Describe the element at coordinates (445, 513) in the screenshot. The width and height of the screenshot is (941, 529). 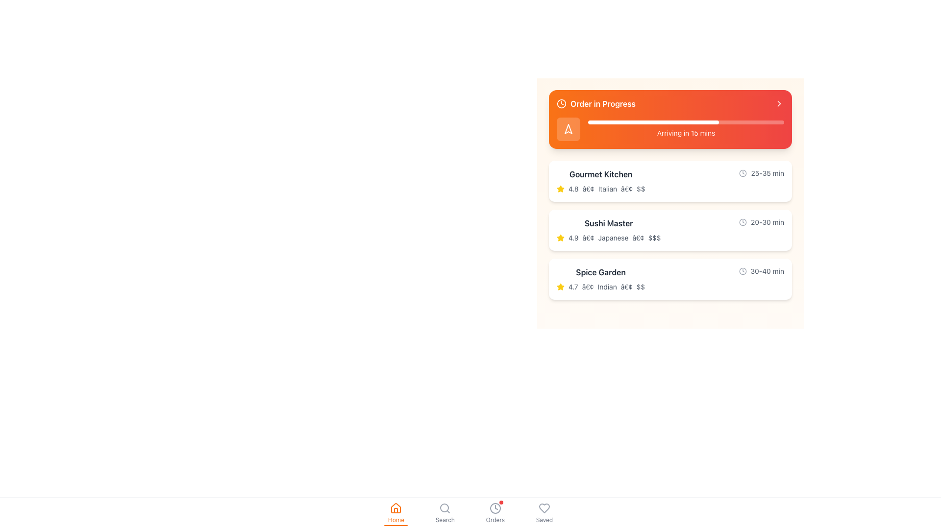
I see `the second icon from the left in the navigation bar at the bottom of the app interface` at that location.